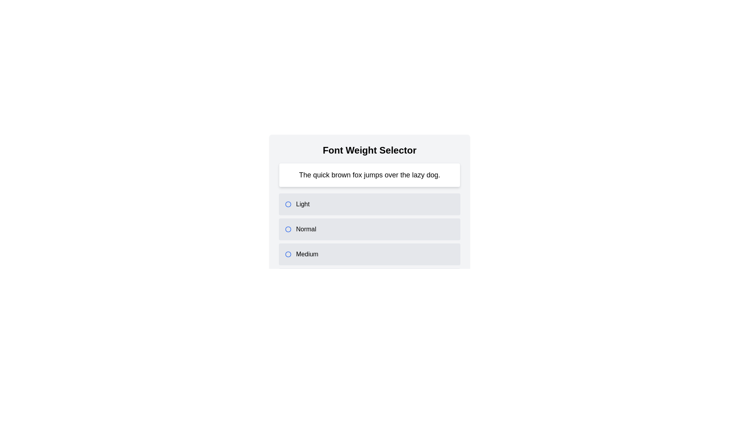 This screenshot has width=751, height=422. I want to click on the text label displaying 'Medium', so click(307, 254).